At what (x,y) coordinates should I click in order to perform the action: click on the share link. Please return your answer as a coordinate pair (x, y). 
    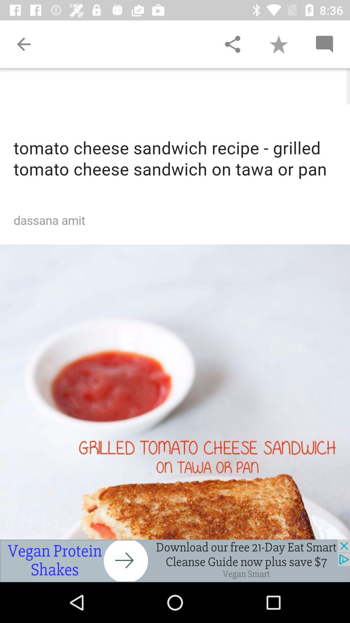
    Looking at the image, I should click on (232, 44).